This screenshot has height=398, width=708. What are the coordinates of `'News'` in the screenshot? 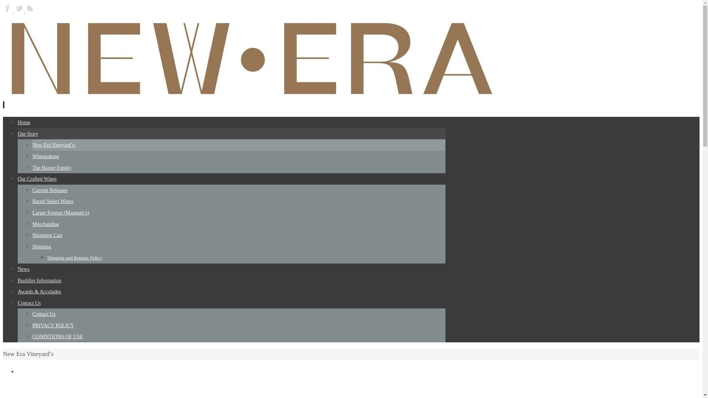 It's located at (18, 269).